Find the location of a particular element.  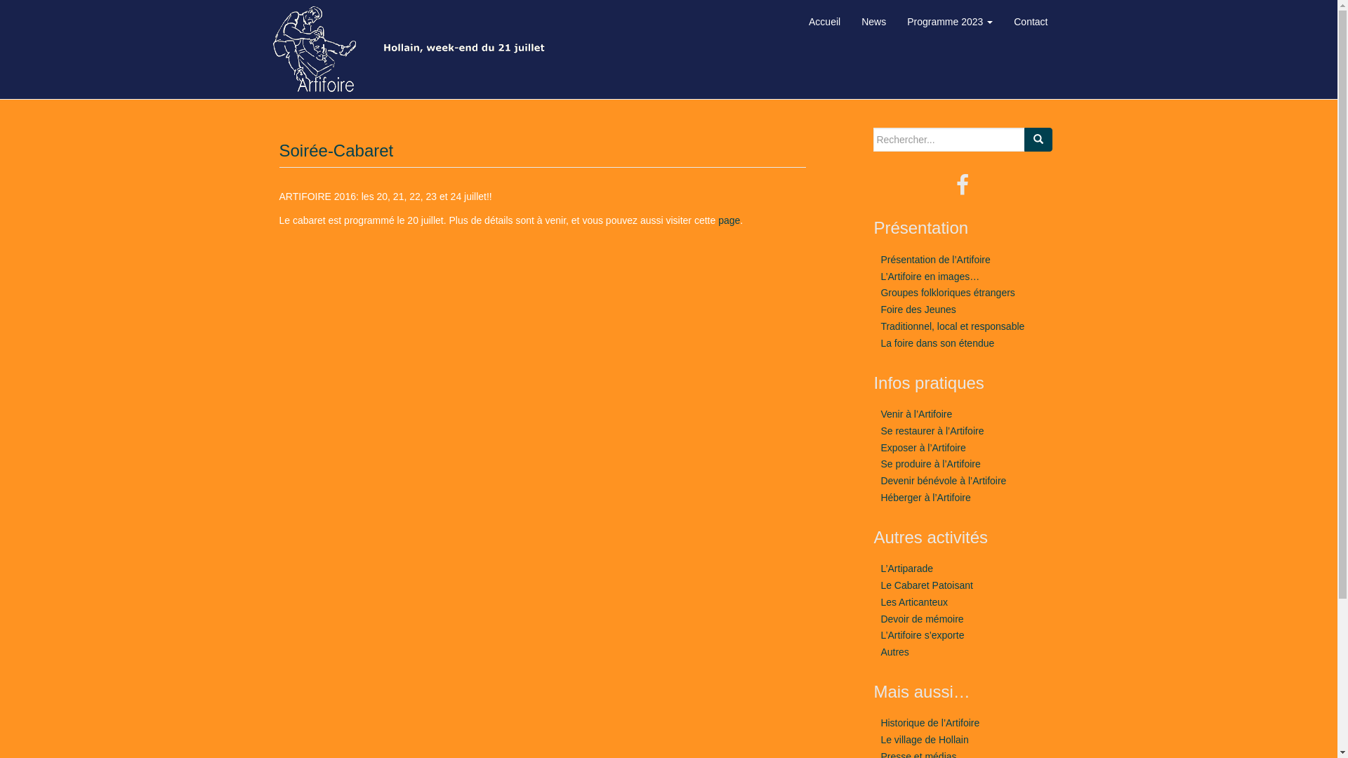

'Le village de Hollain' is located at coordinates (924, 738).